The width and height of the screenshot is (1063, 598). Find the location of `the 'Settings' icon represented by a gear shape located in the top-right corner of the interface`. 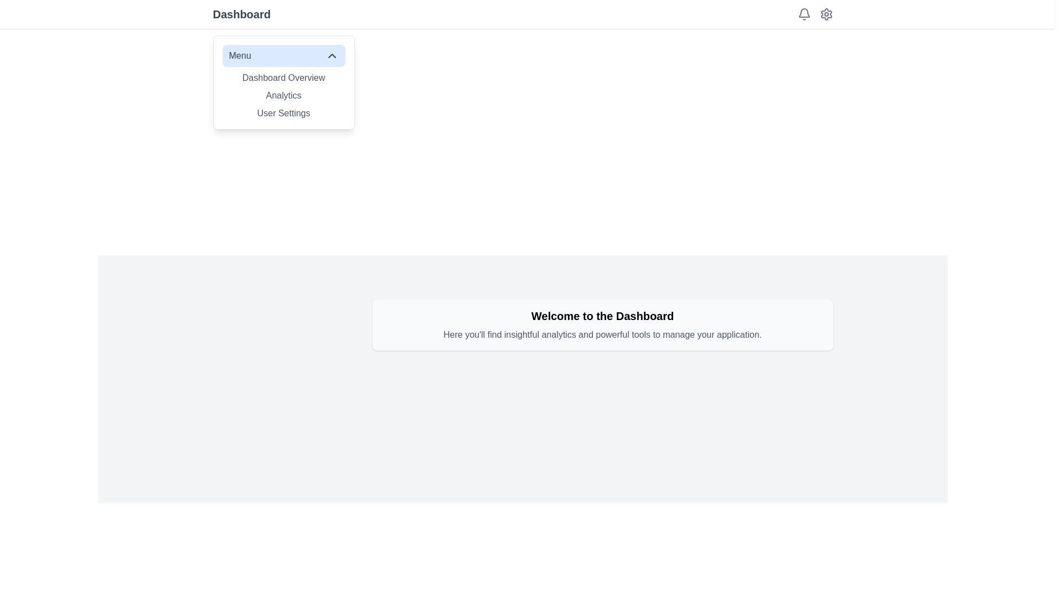

the 'Settings' icon represented by a gear shape located in the top-right corner of the interface is located at coordinates (826, 14).